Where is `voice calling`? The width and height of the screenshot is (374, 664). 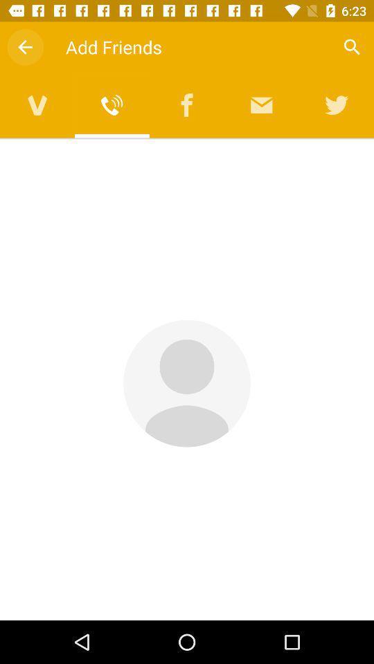 voice calling is located at coordinates (112, 104).